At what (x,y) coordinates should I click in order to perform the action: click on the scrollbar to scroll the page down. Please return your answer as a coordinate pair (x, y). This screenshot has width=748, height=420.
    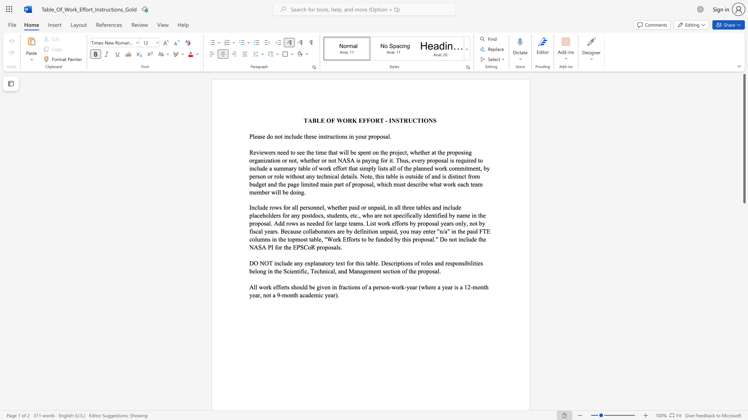
    Looking at the image, I should click on (744, 327).